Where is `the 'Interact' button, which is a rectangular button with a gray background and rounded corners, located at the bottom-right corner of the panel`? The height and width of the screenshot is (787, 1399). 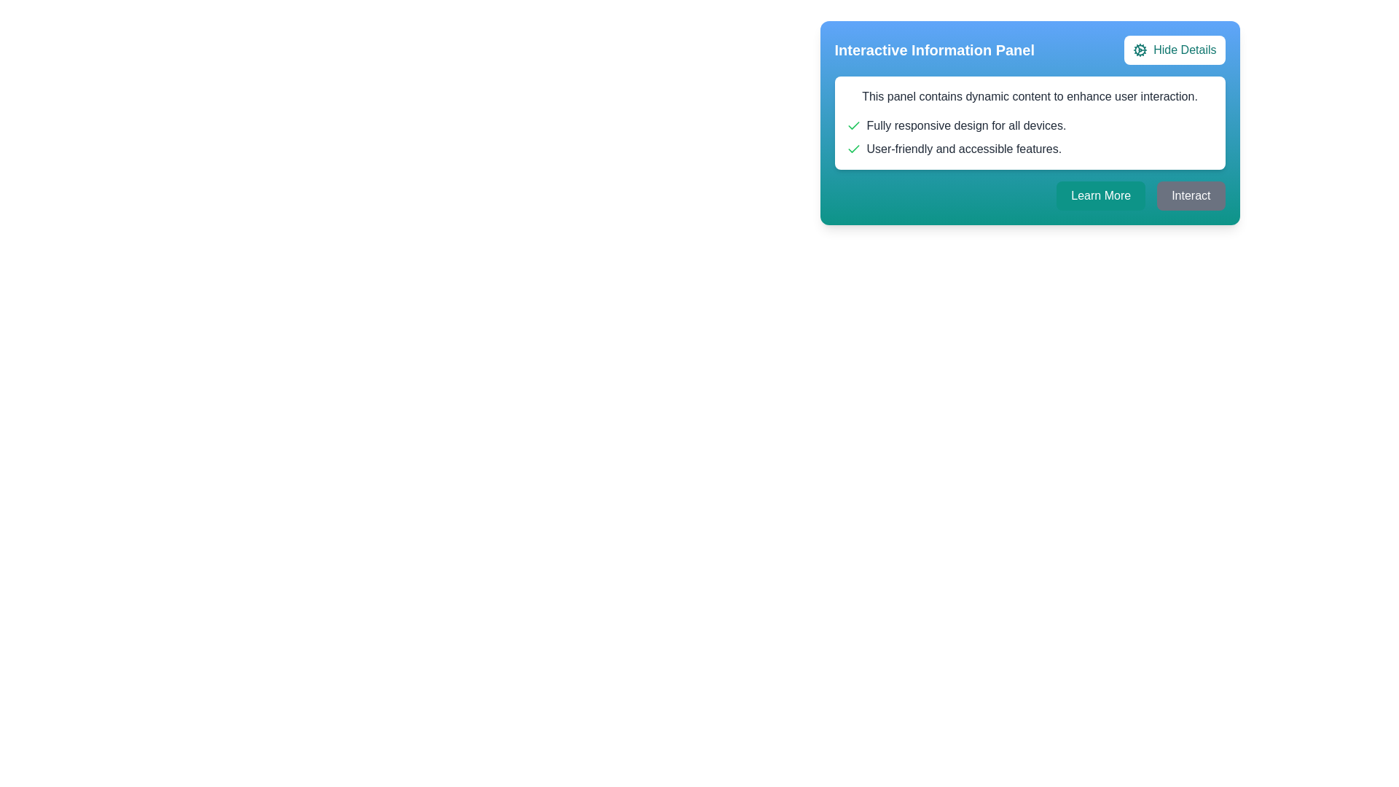 the 'Interact' button, which is a rectangular button with a gray background and rounded corners, located at the bottom-right corner of the panel is located at coordinates (1191, 195).